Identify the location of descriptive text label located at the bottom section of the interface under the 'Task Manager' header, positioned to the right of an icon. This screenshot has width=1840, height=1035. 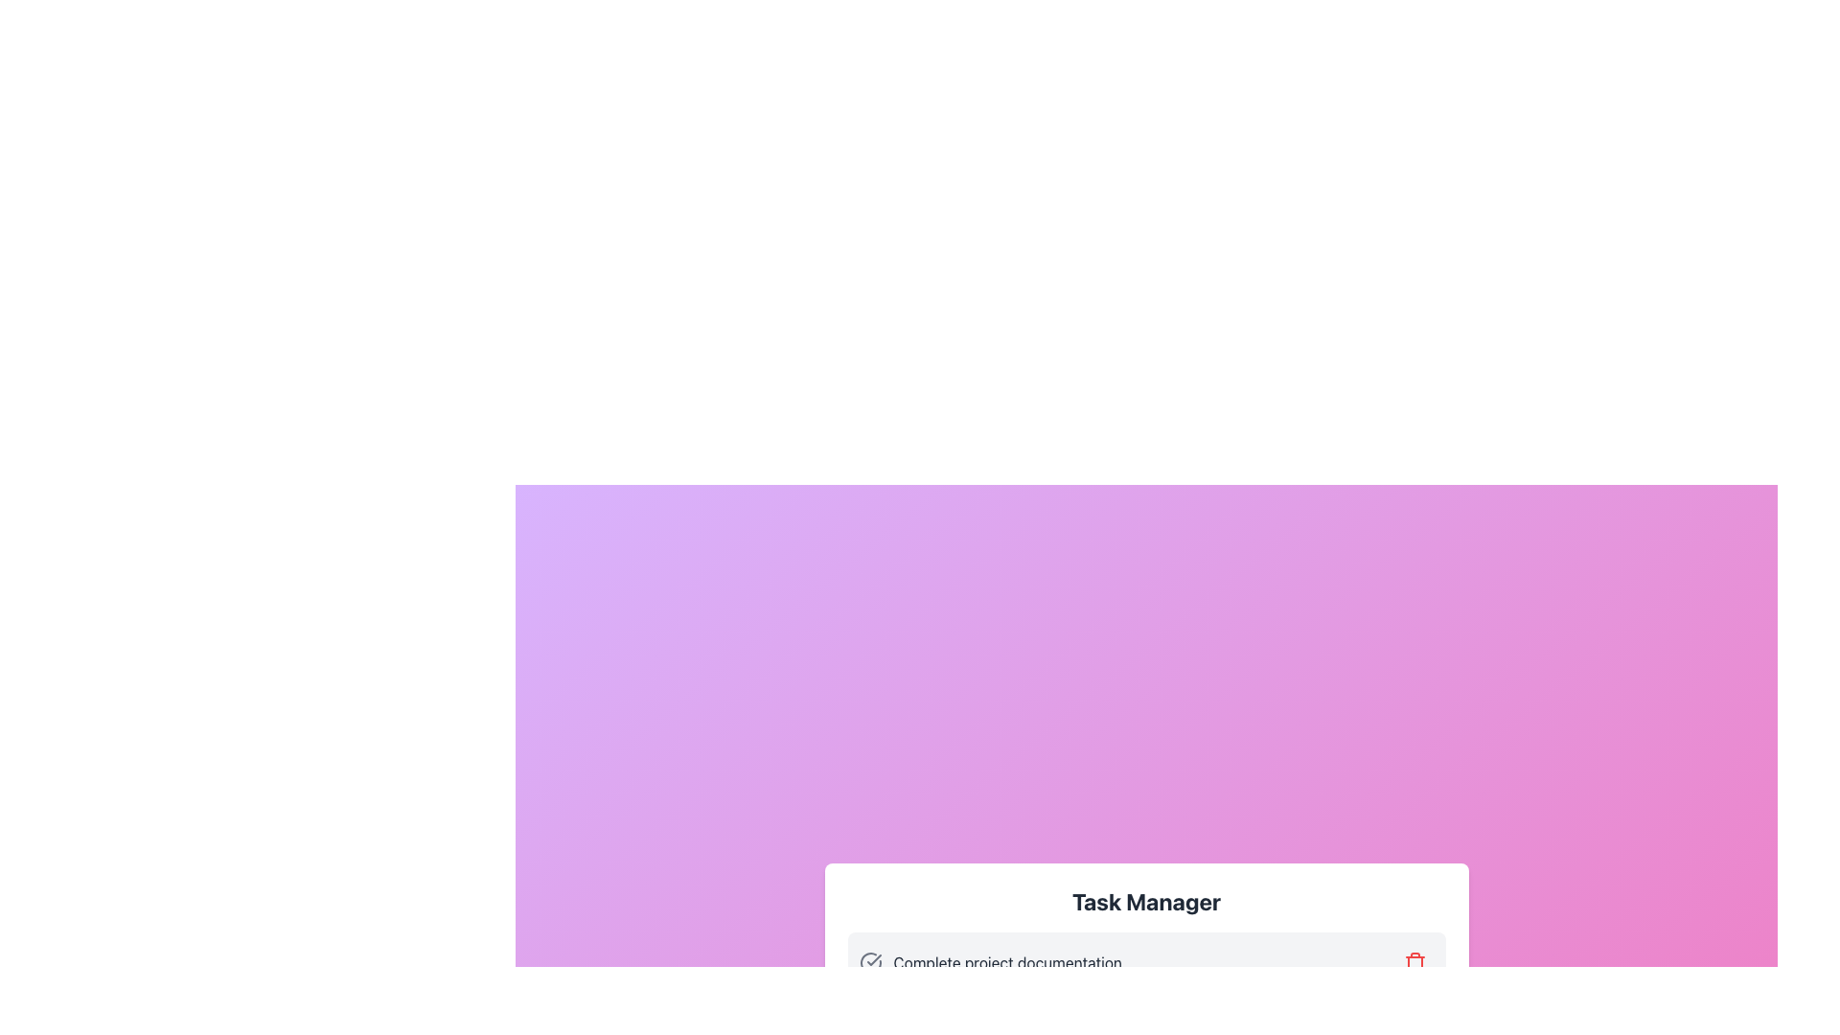
(1006, 963).